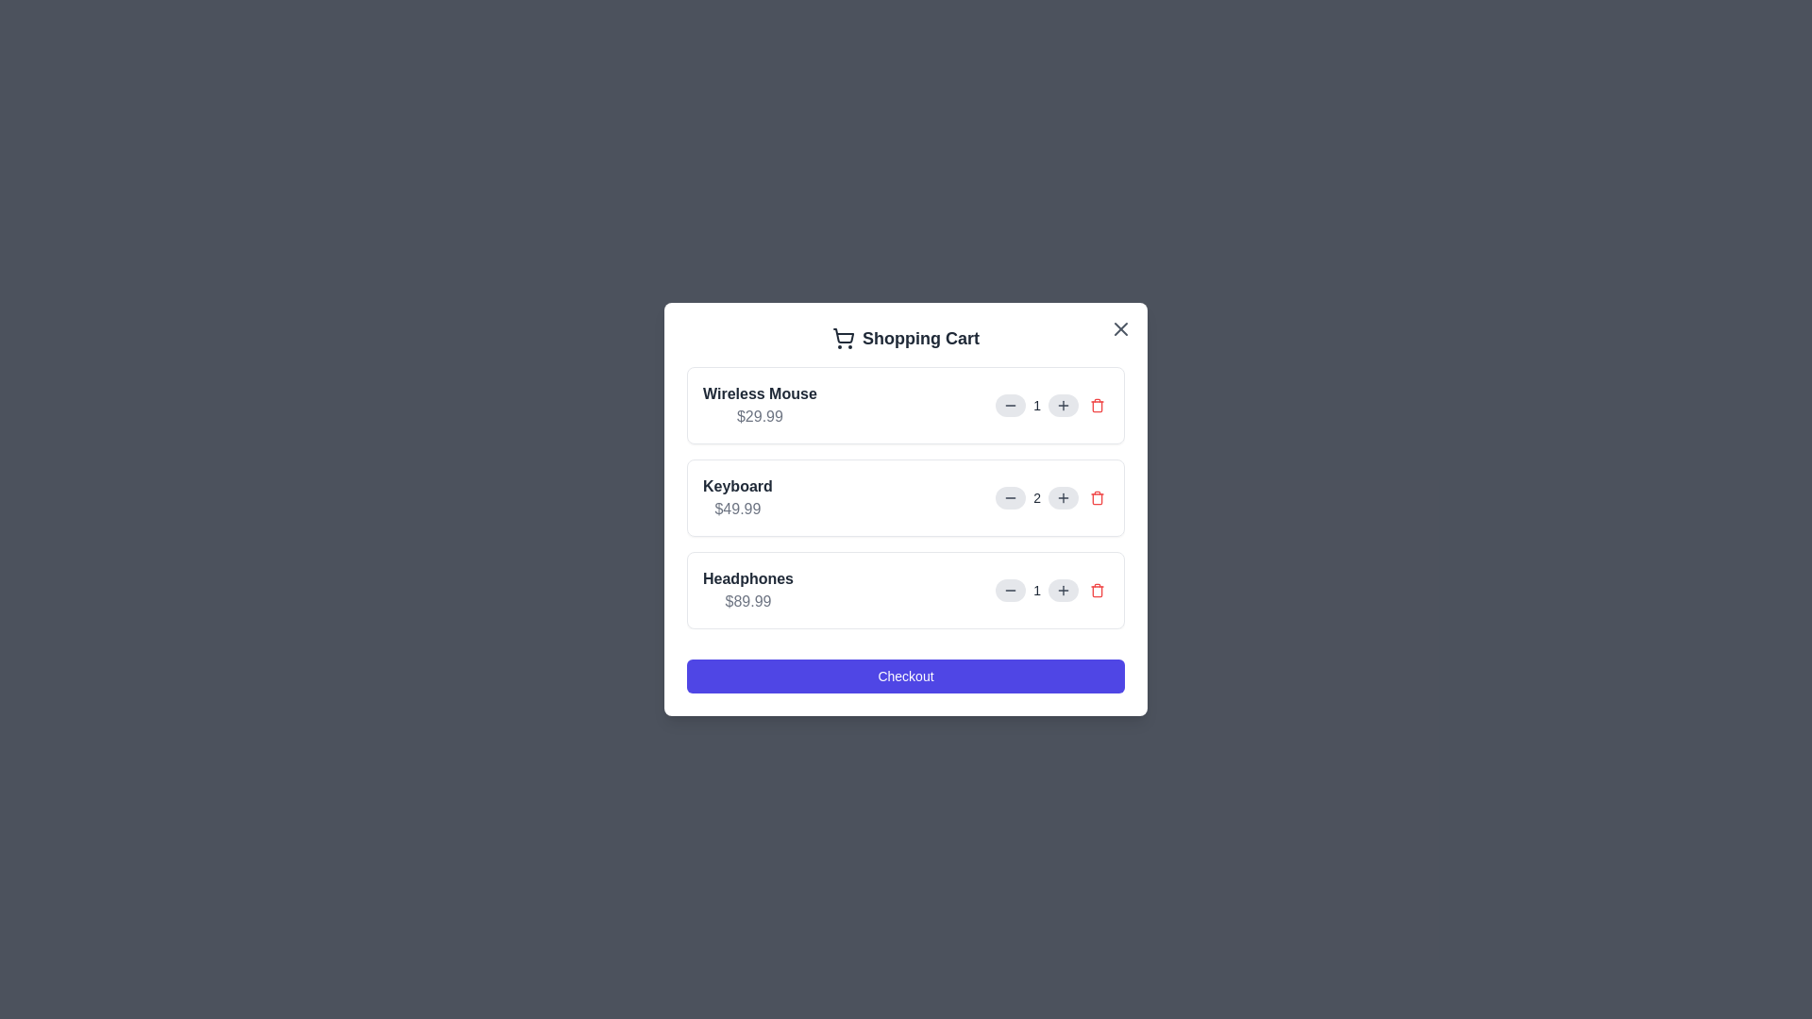  What do you see at coordinates (760, 416) in the screenshot?
I see `the static text label displaying the price '$29.99' located below the product title 'Wireless Mouse' in the 'Shopping Cart' modal` at bounding box center [760, 416].